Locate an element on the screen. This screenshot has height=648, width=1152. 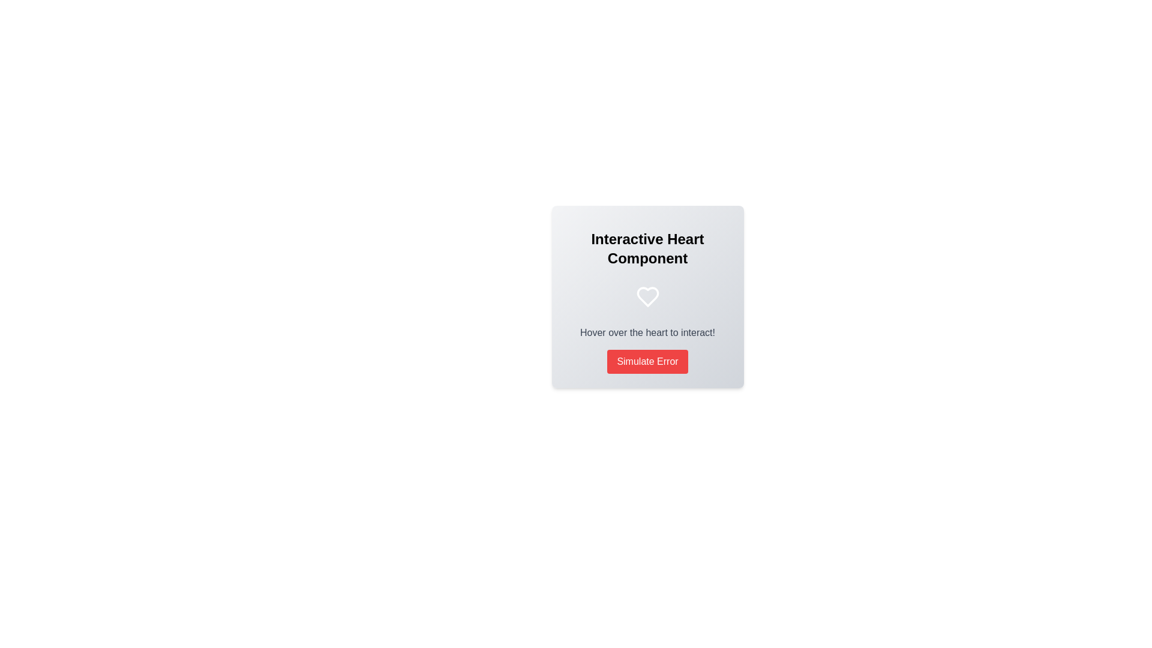
the center of the heart icon enclosed in a circular blue background, which is part of the Interactive Heart Component card is located at coordinates (647, 296).